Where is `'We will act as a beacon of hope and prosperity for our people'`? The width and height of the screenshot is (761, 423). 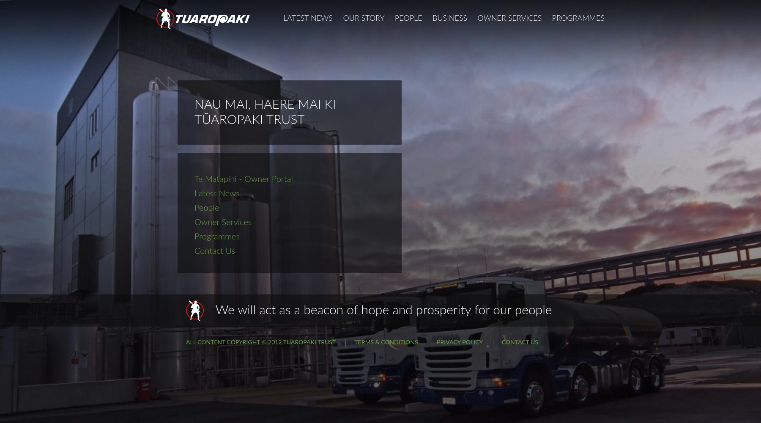 'We will act as a beacon of hope and prosperity for our people' is located at coordinates (383, 310).